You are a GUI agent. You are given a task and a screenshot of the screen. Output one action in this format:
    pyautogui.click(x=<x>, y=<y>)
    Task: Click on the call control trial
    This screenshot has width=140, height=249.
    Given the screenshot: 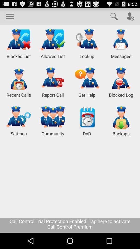 What is the action you would take?
    pyautogui.click(x=70, y=225)
    